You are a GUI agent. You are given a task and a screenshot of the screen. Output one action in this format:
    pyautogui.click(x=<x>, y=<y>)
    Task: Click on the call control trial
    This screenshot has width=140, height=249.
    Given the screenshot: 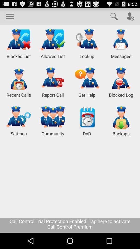 What is the action you would take?
    pyautogui.click(x=70, y=225)
    